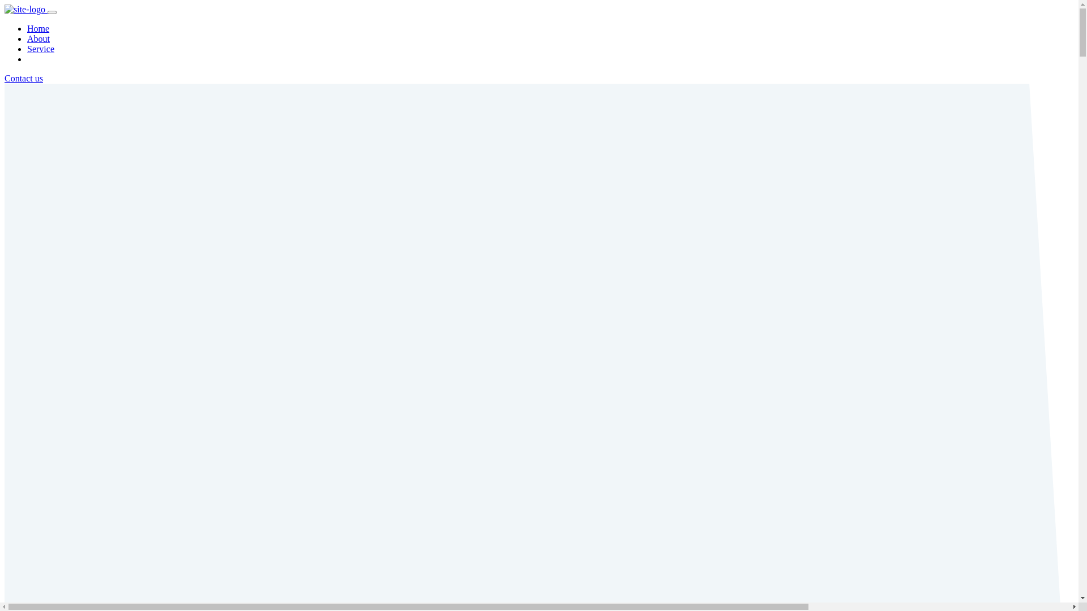 This screenshot has height=611, width=1087. What do you see at coordinates (38, 38) in the screenshot?
I see `'About'` at bounding box center [38, 38].